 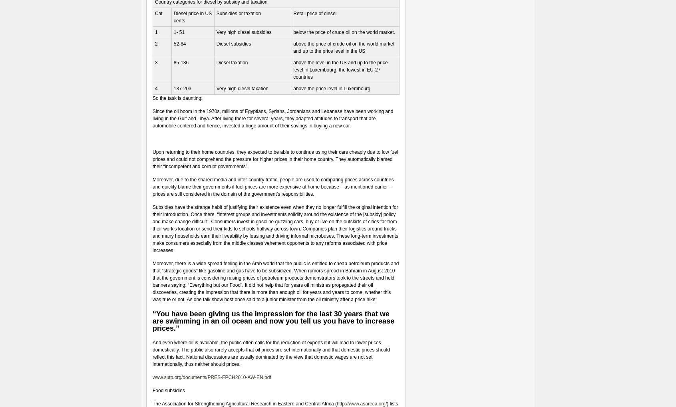 I want to click on 'Very high diesel subsidies', so click(x=243, y=32).